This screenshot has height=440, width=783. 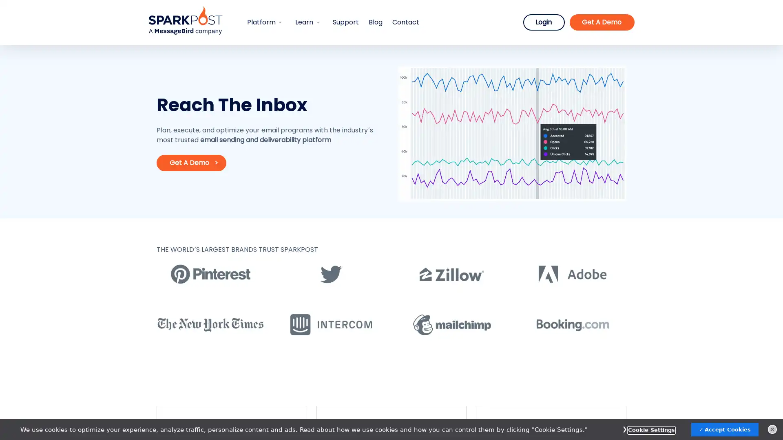 I want to click on open sub-menu, so click(x=319, y=22).